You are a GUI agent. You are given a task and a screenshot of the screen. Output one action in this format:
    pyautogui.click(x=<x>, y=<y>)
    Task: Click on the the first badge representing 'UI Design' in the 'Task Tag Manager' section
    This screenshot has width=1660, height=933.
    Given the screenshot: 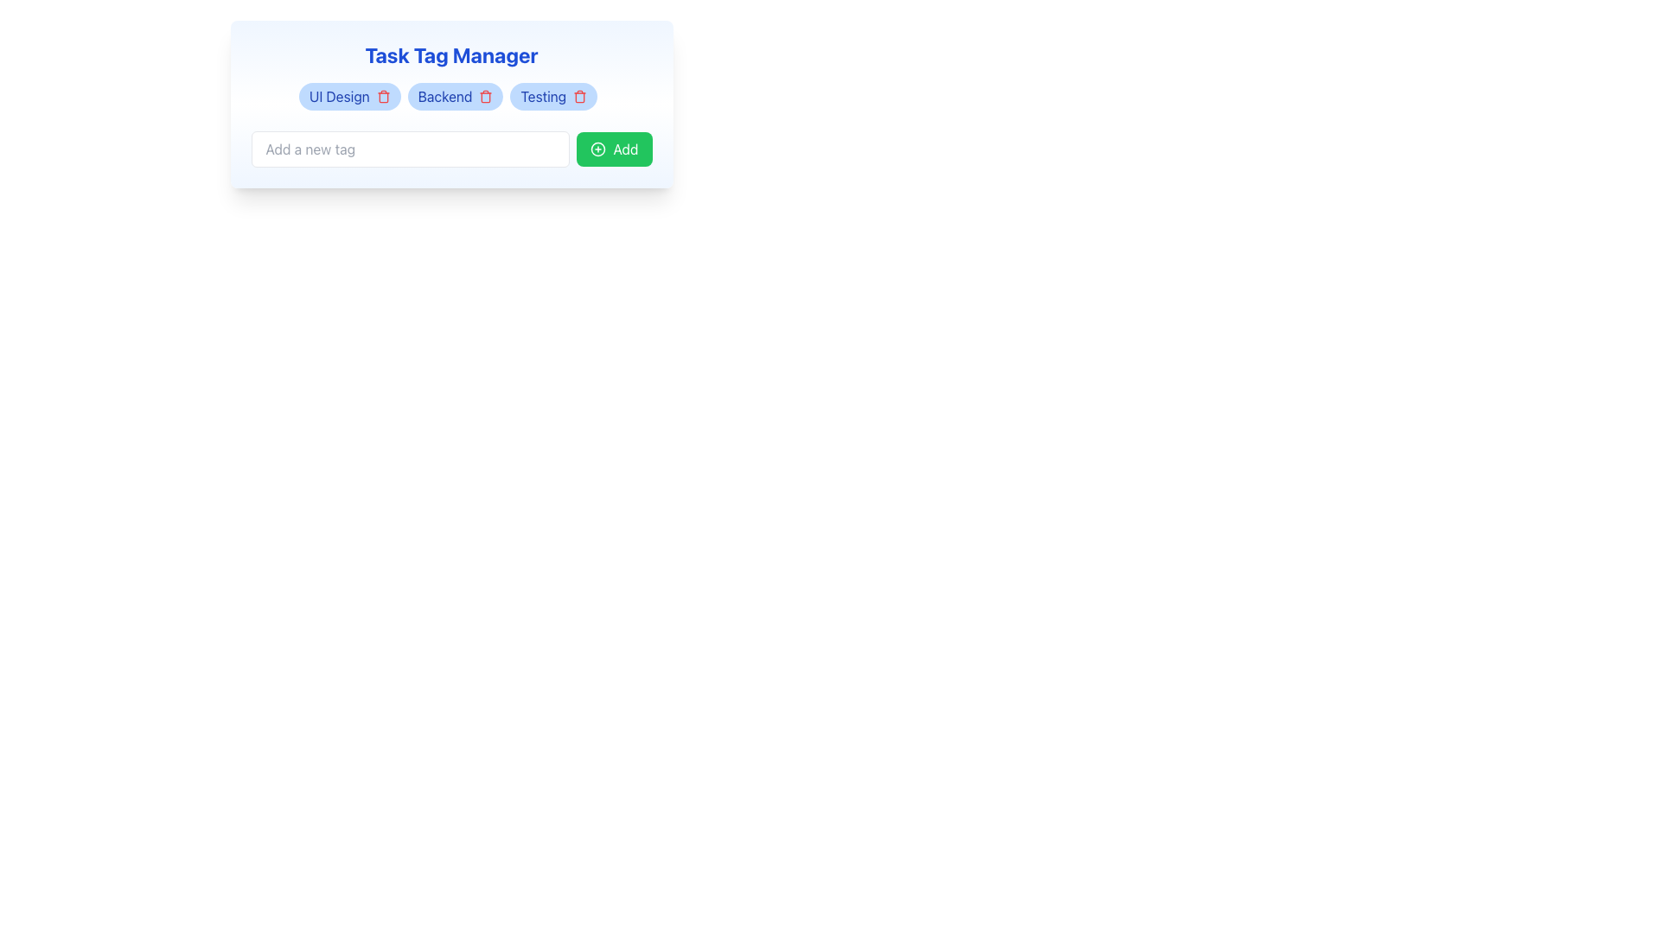 What is the action you would take?
    pyautogui.click(x=348, y=96)
    